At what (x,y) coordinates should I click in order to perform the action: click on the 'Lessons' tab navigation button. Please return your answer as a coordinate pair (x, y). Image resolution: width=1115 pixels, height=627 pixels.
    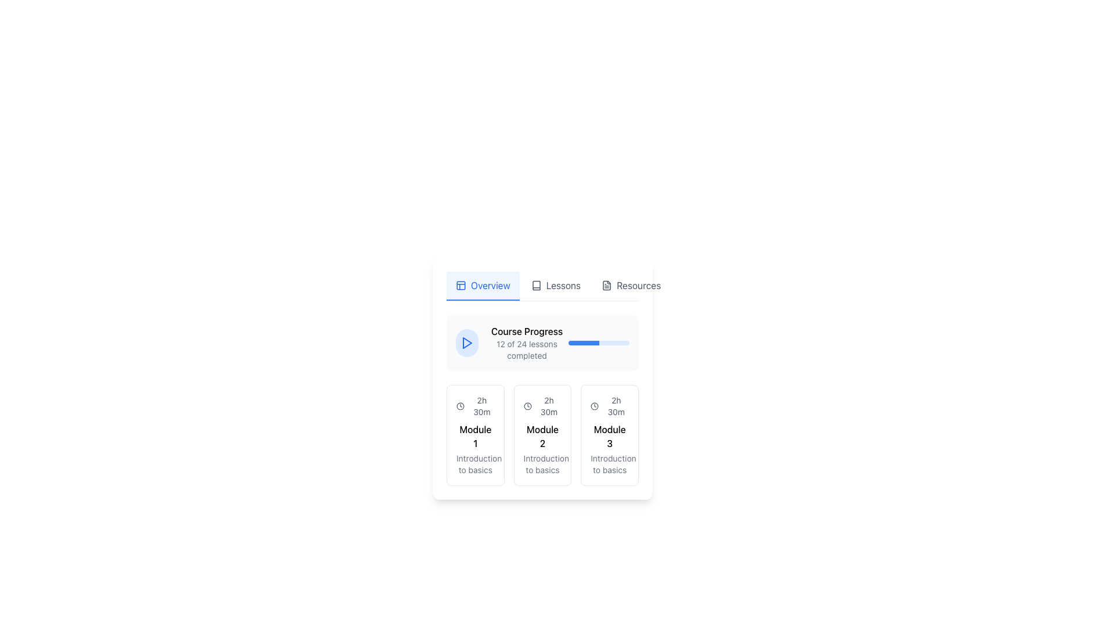
    Looking at the image, I should click on (555, 286).